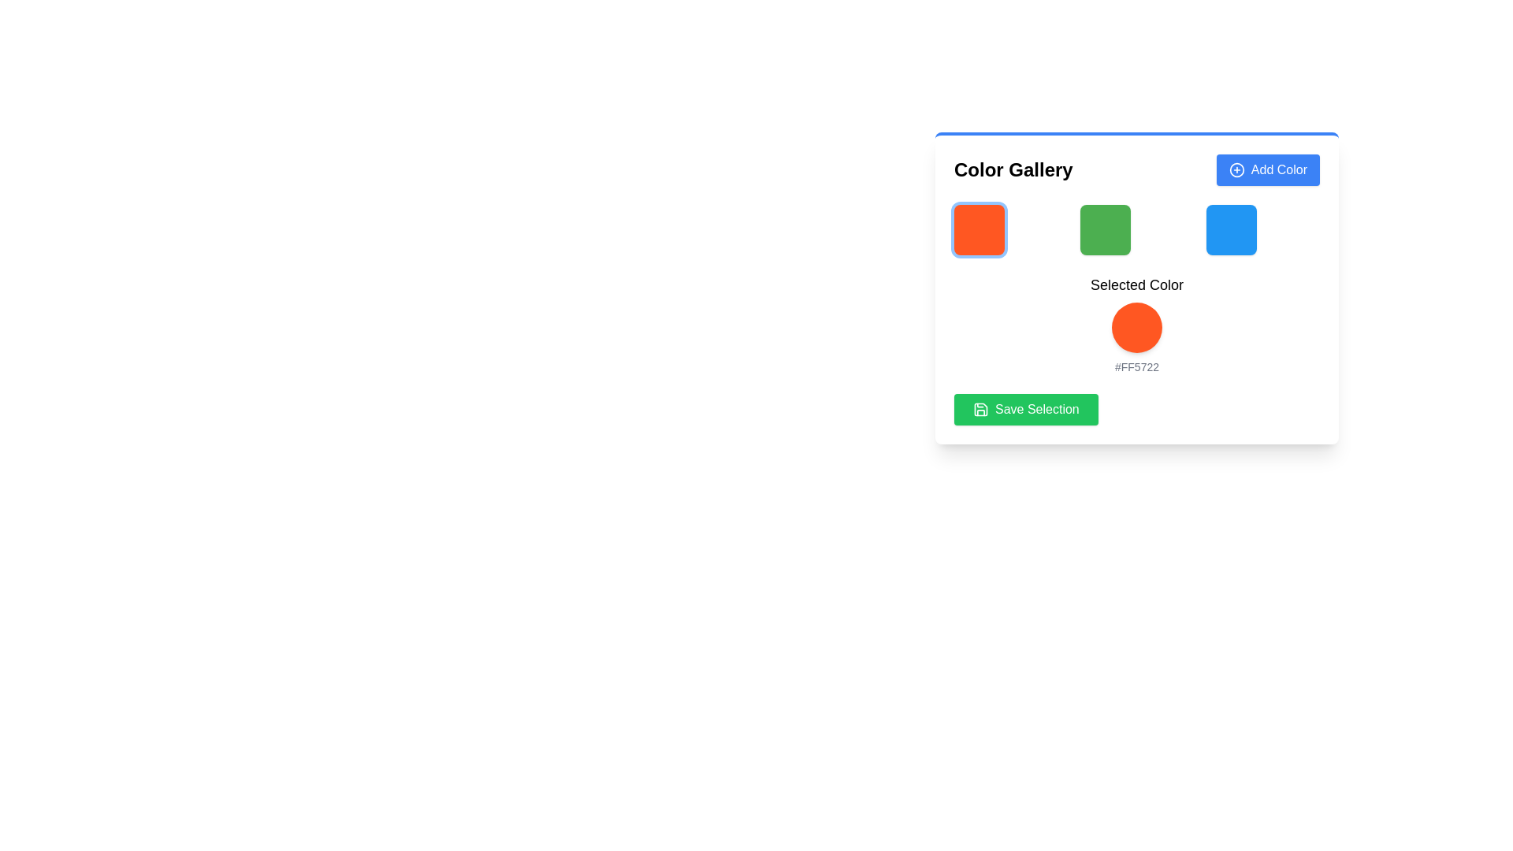  I want to click on the orange, green, or blue colored square within the Color Gallery section, so click(1137, 230).